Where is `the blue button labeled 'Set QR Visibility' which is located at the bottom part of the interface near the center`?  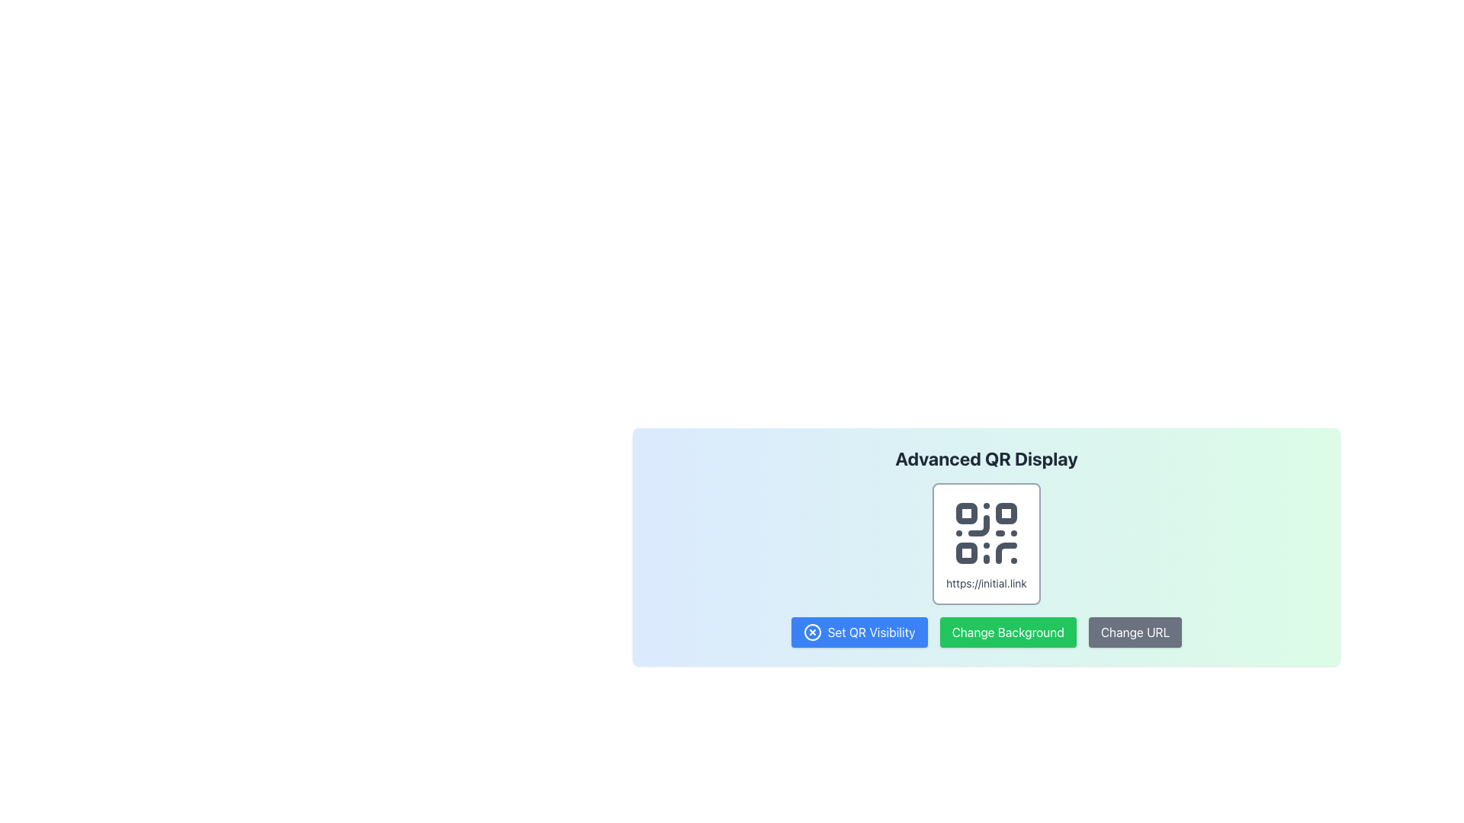
the blue button labeled 'Set QR Visibility' which is located at the bottom part of the interface near the center is located at coordinates (859, 632).